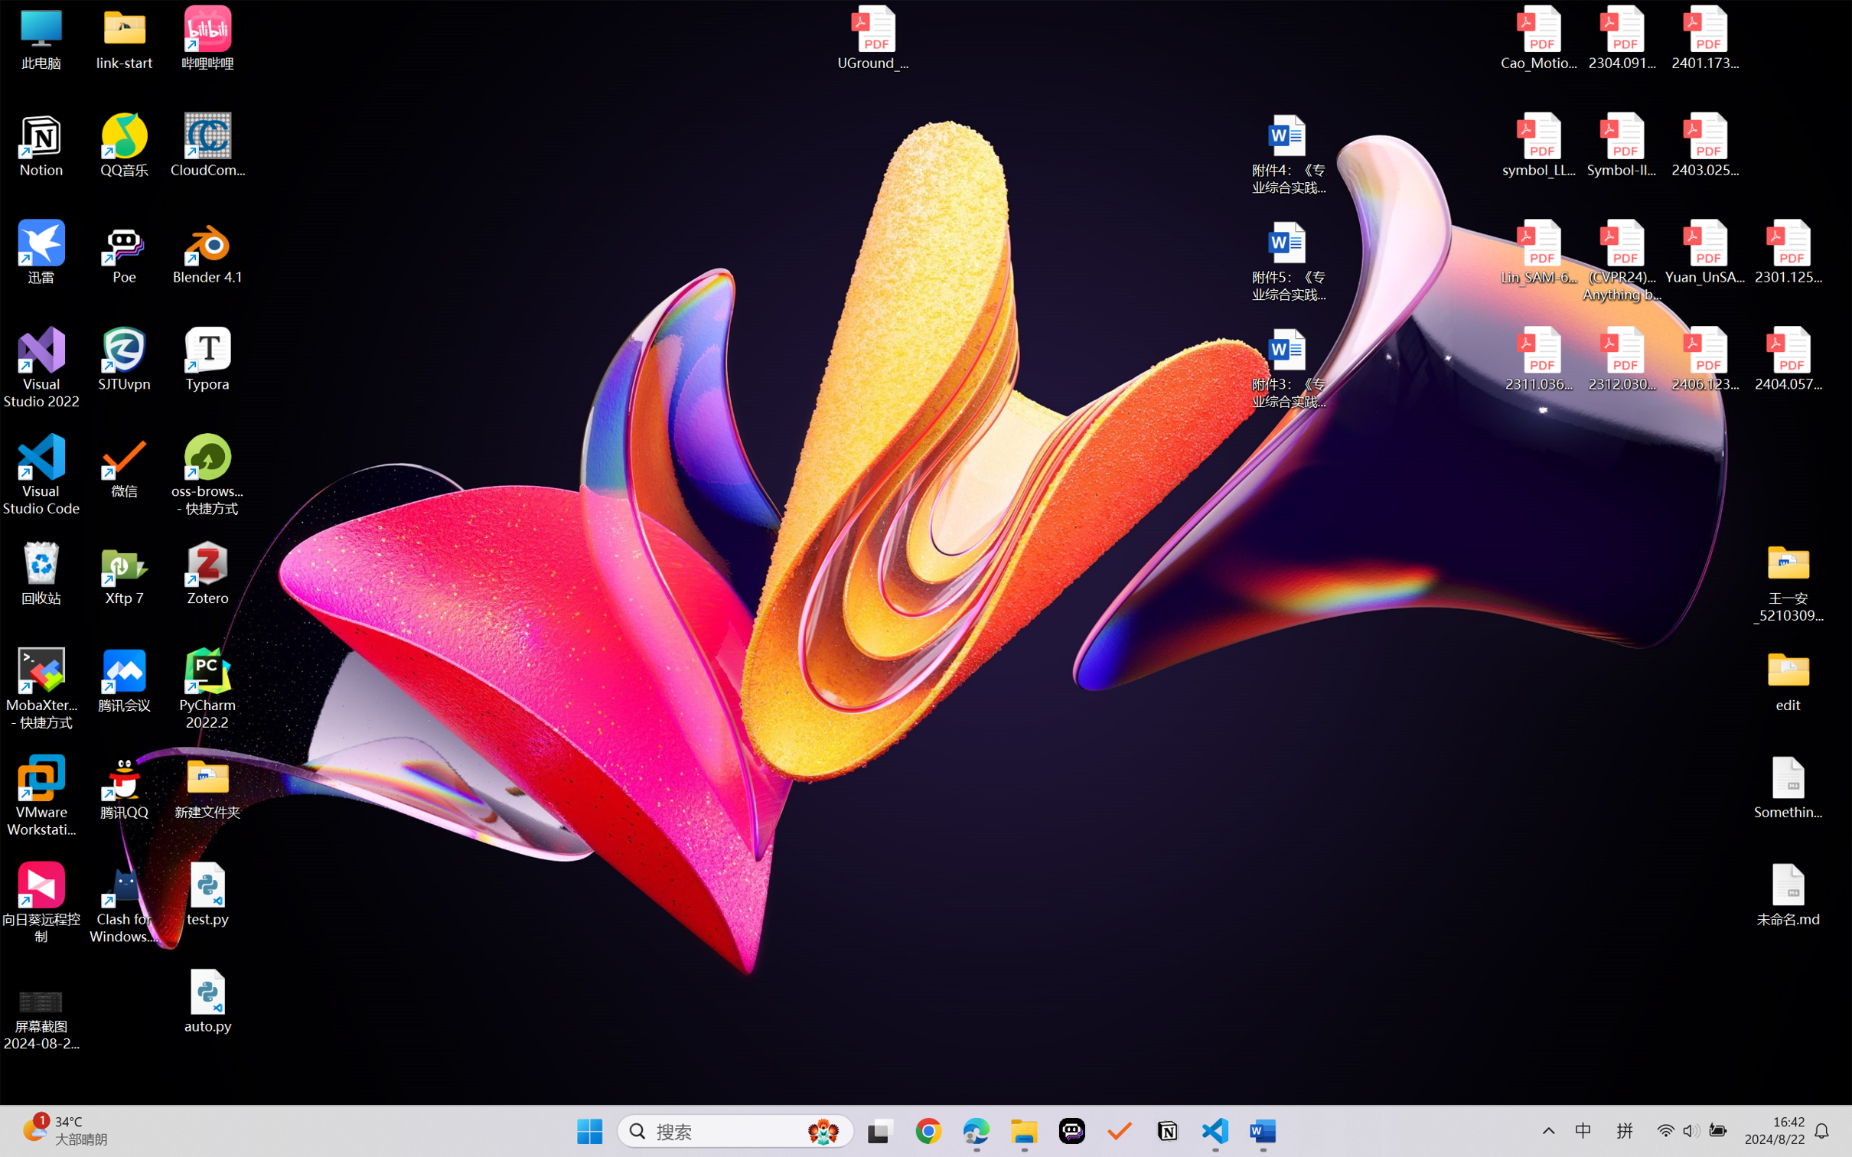 Image resolution: width=1852 pixels, height=1157 pixels. Describe the element at coordinates (207, 251) in the screenshot. I see `'Blender 4.1'` at that location.